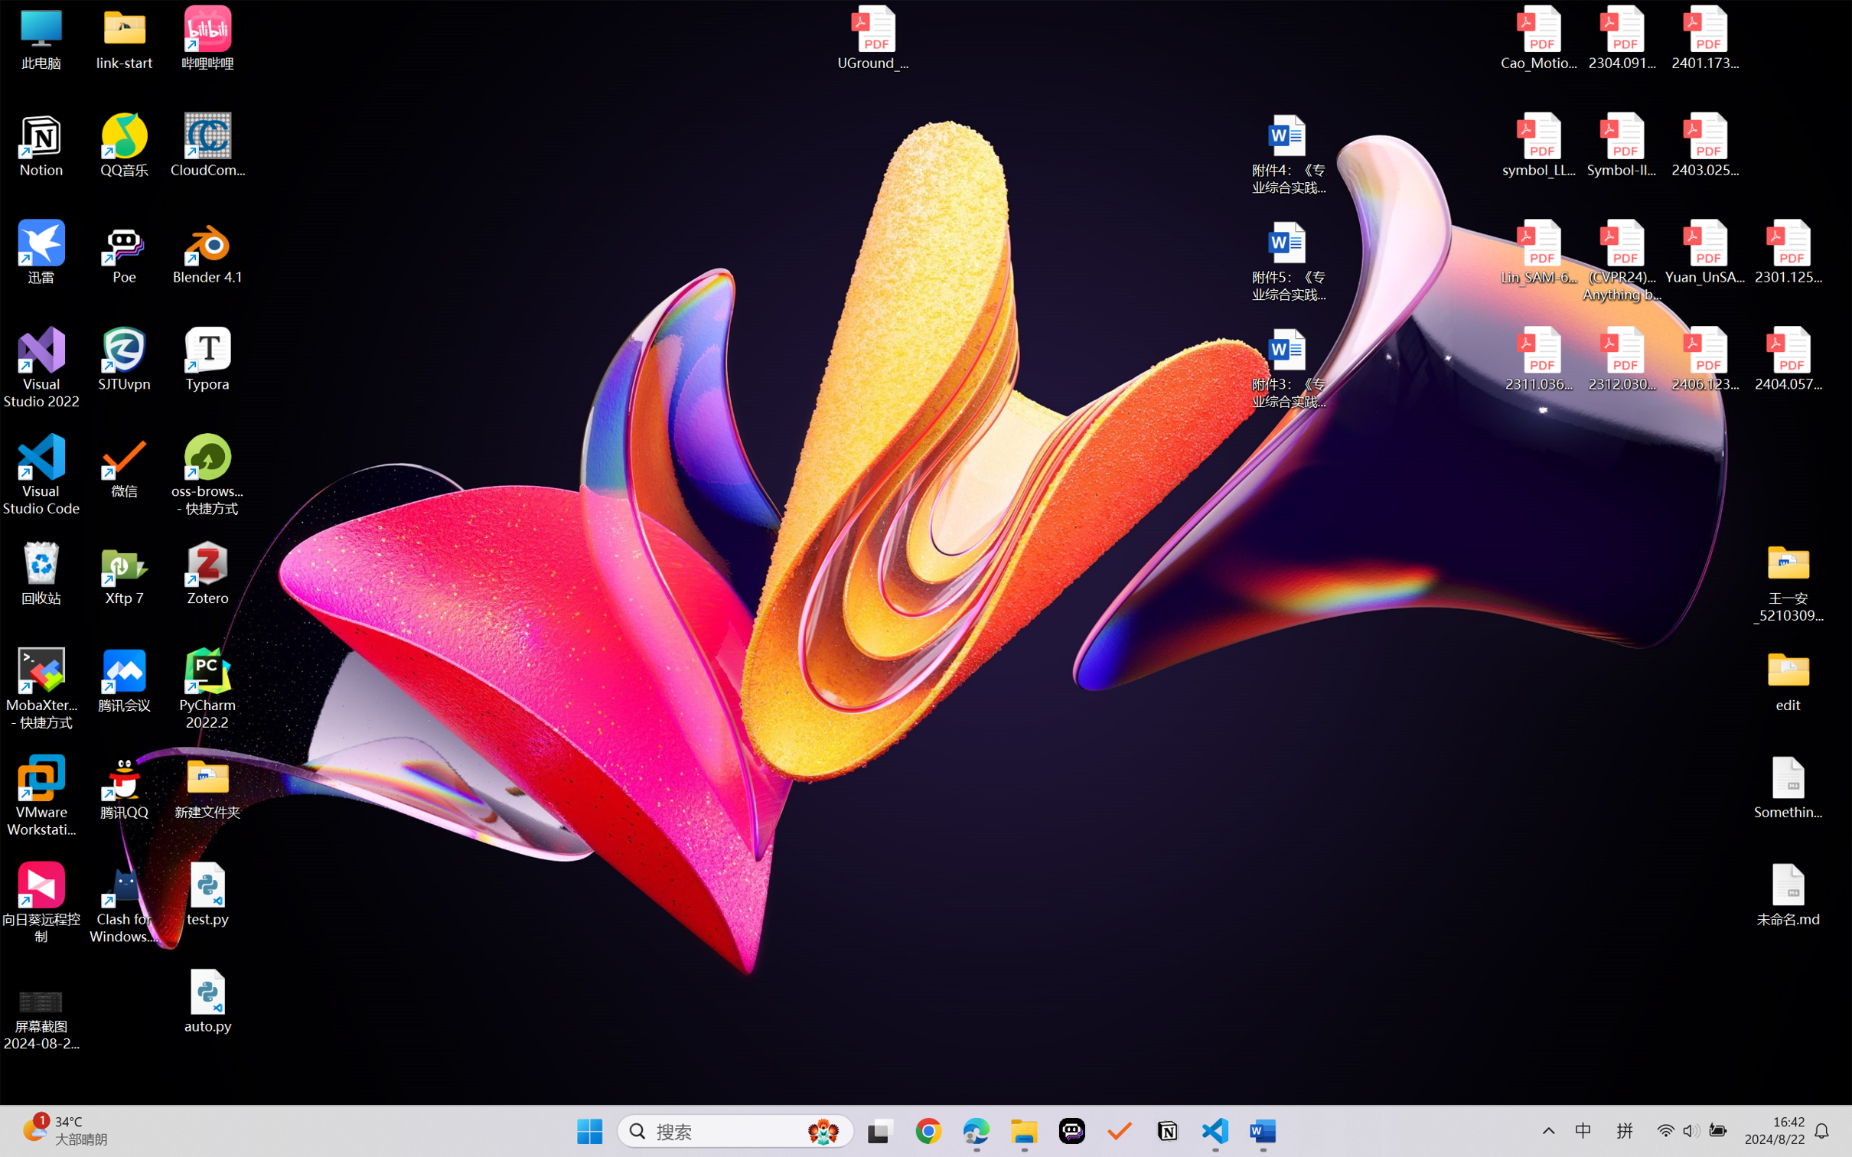 Image resolution: width=1852 pixels, height=1157 pixels. Describe the element at coordinates (207, 251) in the screenshot. I see `'Blender 4.1'` at that location.